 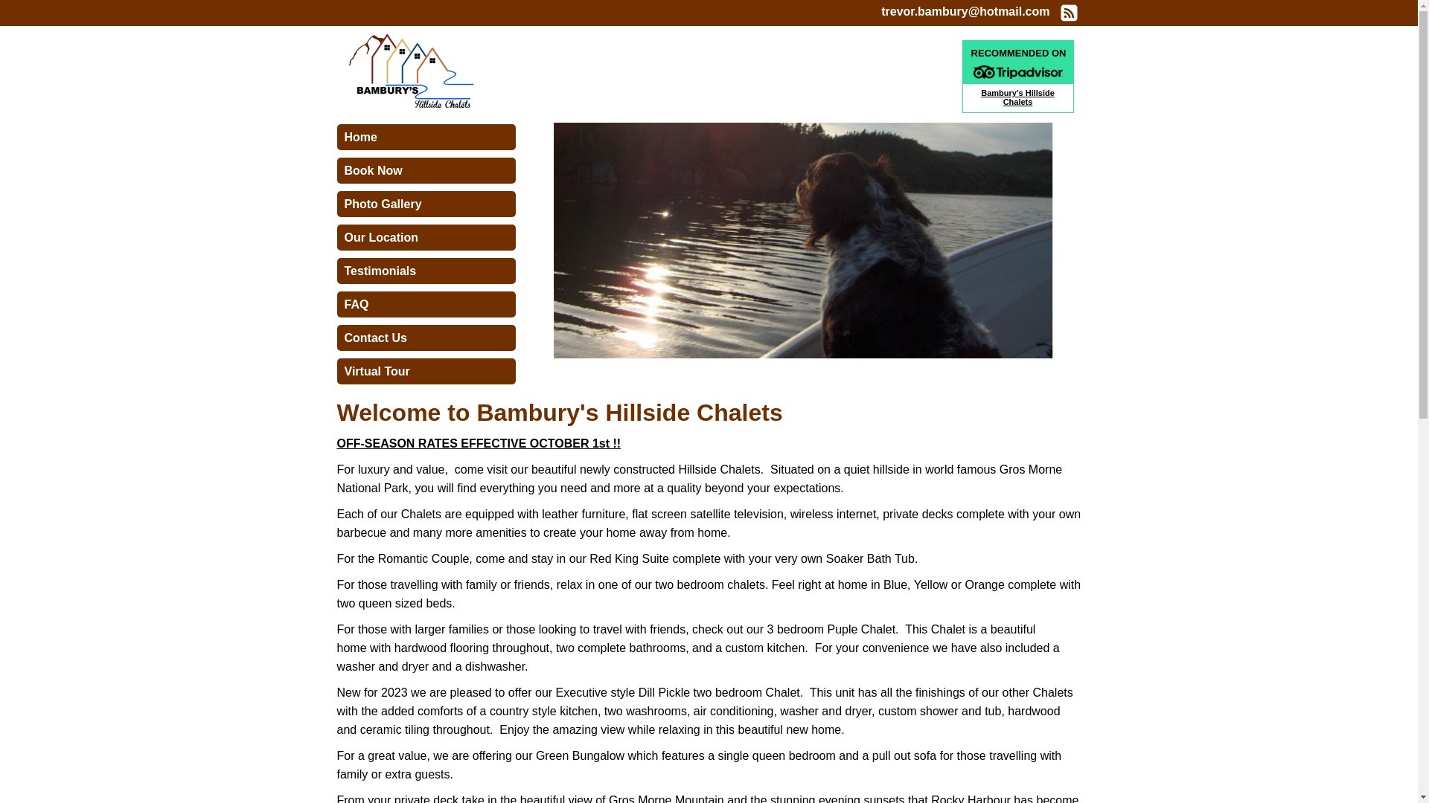 What do you see at coordinates (335, 236) in the screenshot?
I see `'Our Location'` at bounding box center [335, 236].